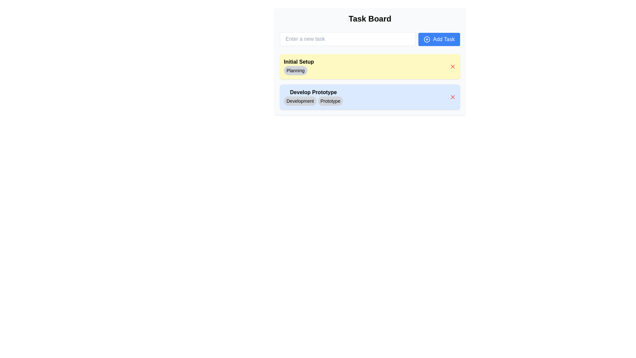 This screenshot has width=636, height=358. Describe the element at coordinates (313, 97) in the screenshot. I see `the 'Development' and 'Prototype' text tags located in the second task card of the task board interface to filter tasks by category` at that location.